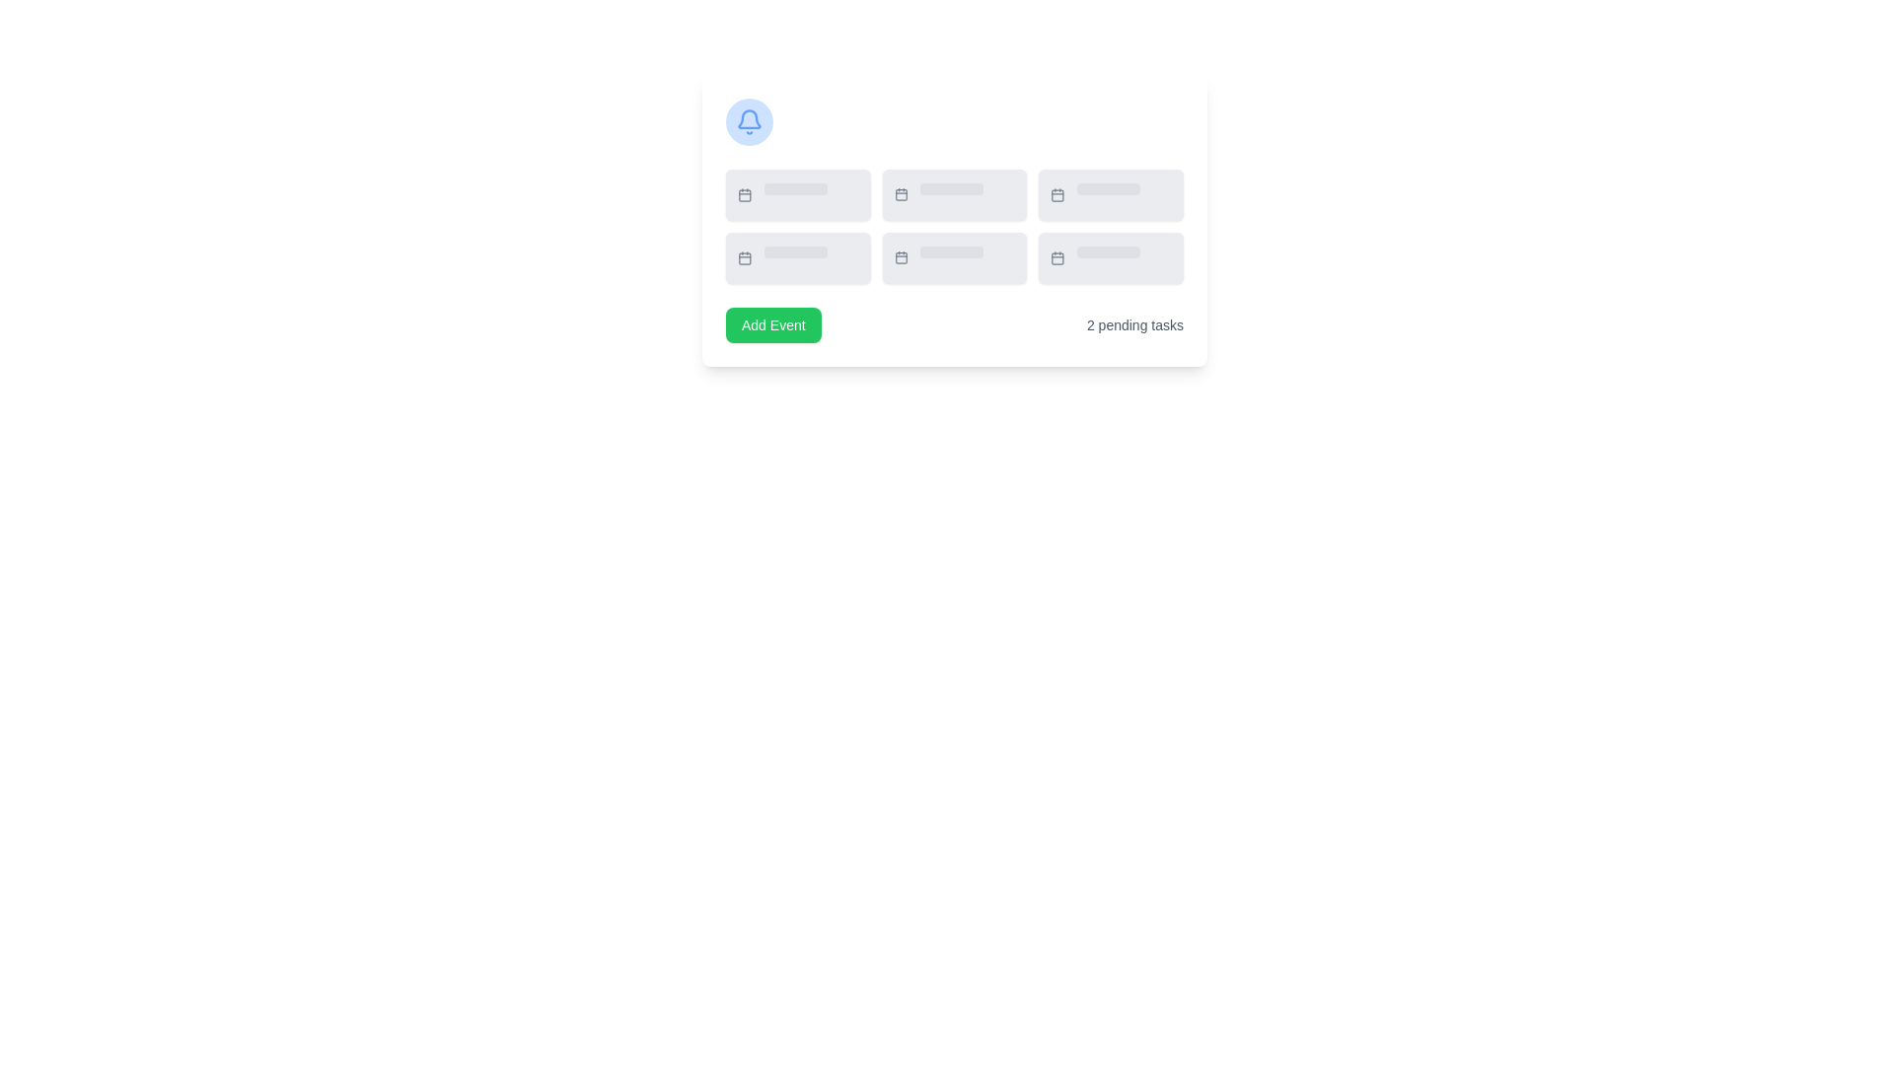  What do you see at coordinates (795, 250) in the screenshot?
I see `the Static placeholder element, which serves as a visual indicator for loading or unavailable content, located at the bottom row of the grid in the leftmost column` at bounding box center [795, 250].